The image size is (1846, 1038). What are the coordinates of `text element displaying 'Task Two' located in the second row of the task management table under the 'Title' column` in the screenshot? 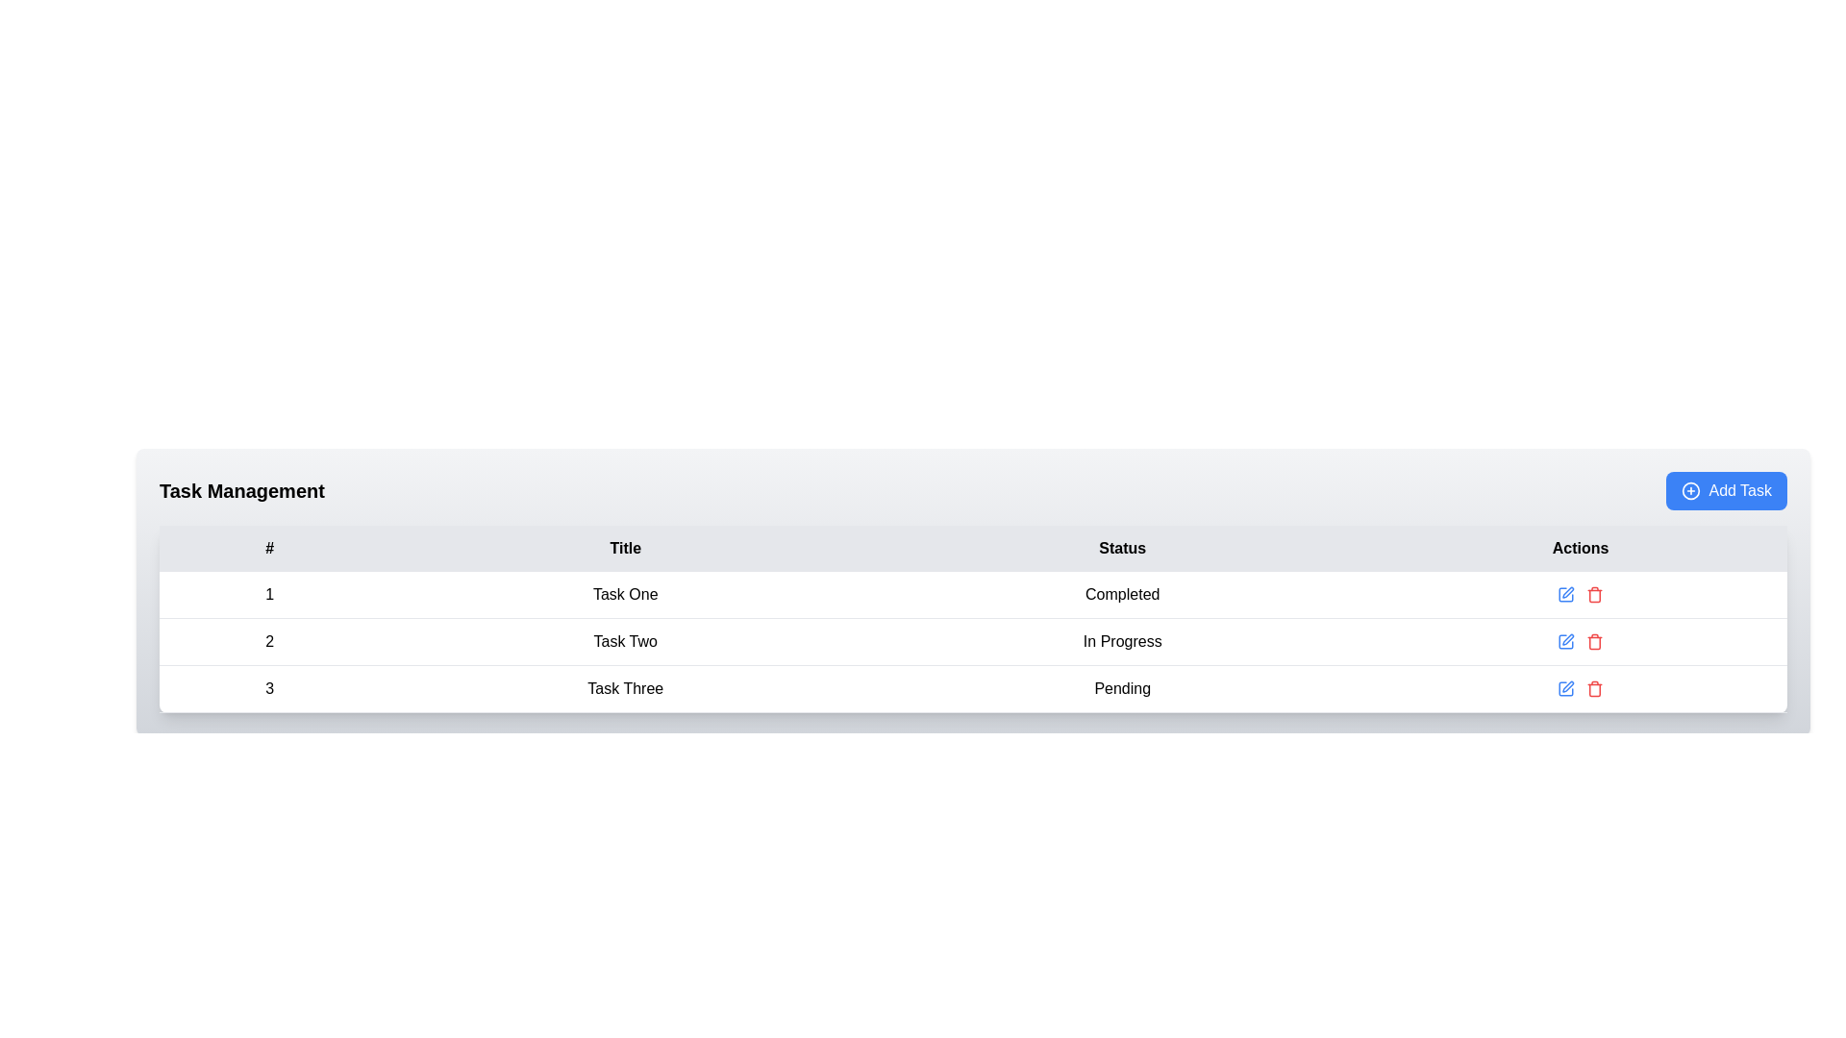 It's located at (625, 641).